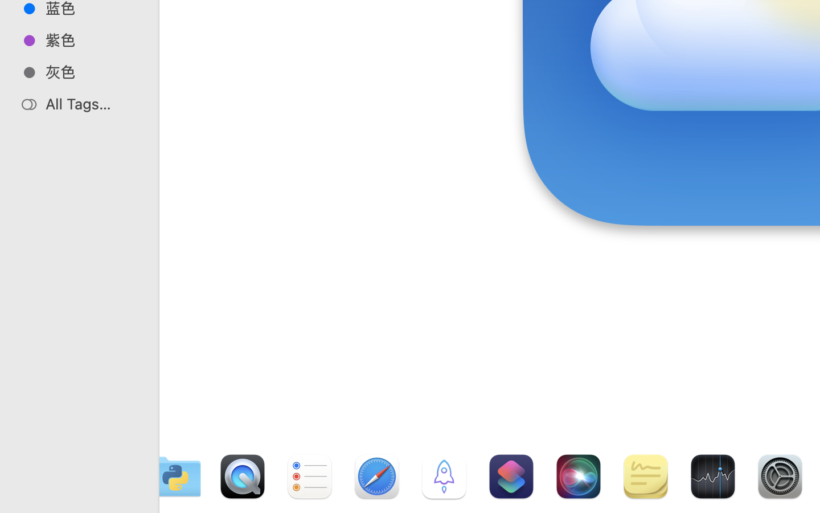 Image resolution: width=820 pixels, height=513 pixels. Describe the element at coordinates (91, 72) in the screenshot. I see `'灰色'` at that location.